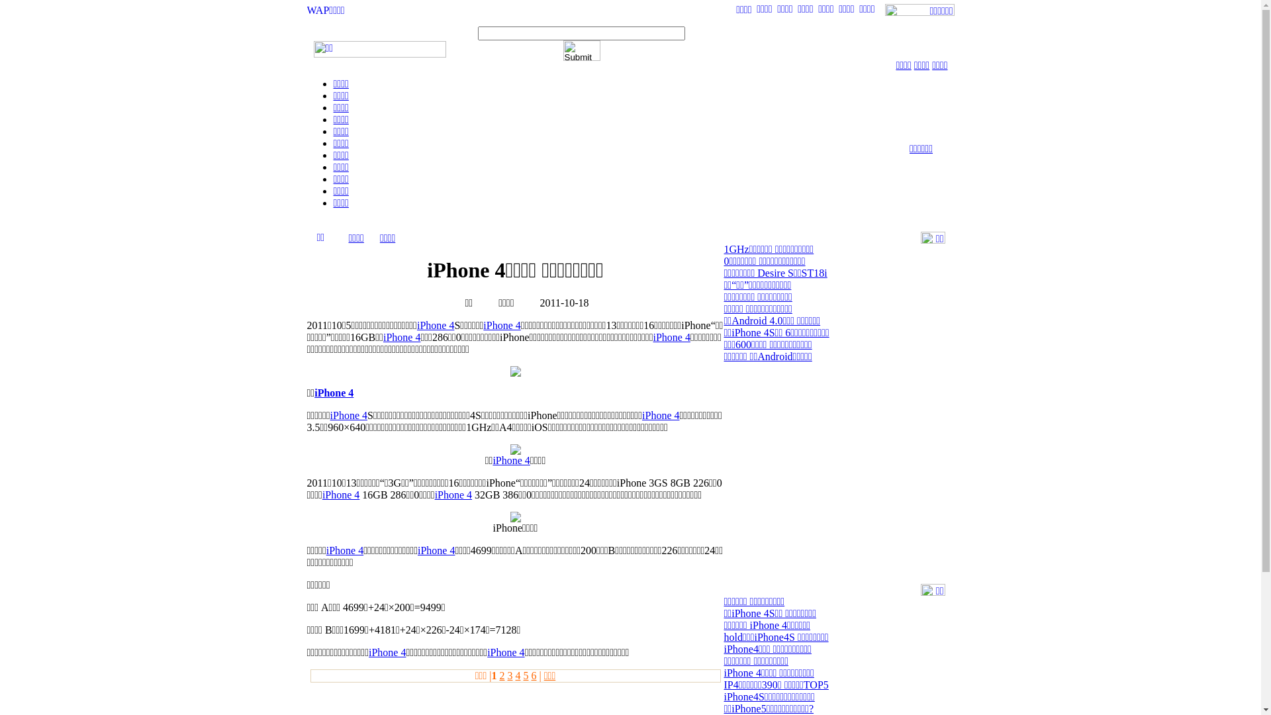 The width and height of the screenshot is (1271, 715). What do you see at coordinates (498, 675) in the screenshot?
I see `'2'` at bounding box center [498, 675].